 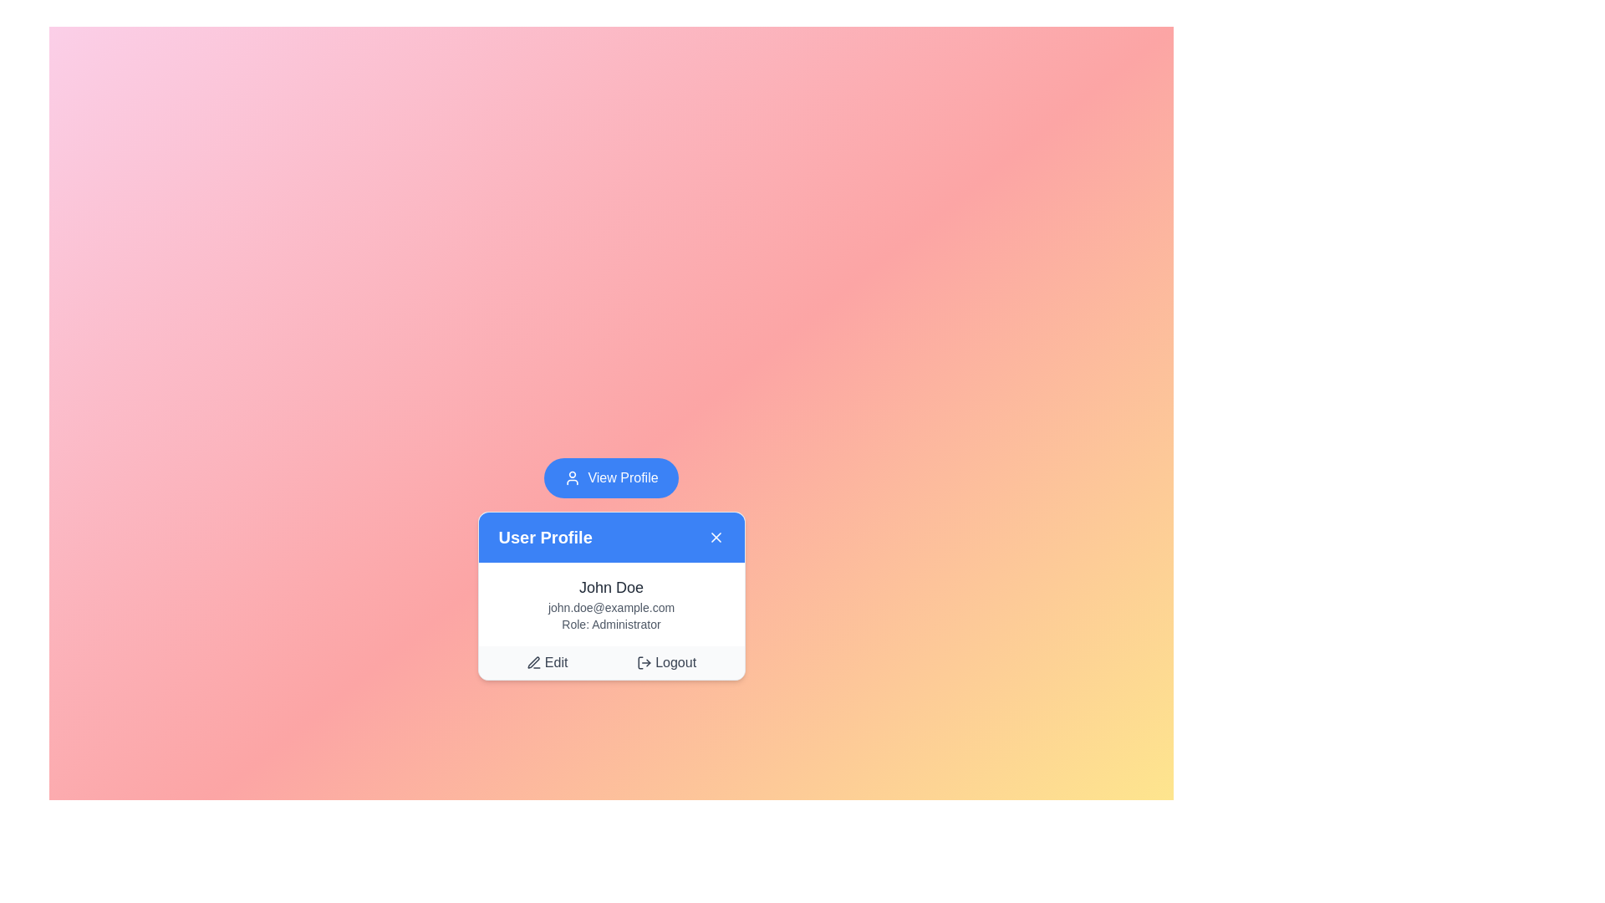 What do you see at coordinates (532, 661) in the screenshot?
I see `the SVG icon element that visually represents the 'Edit' action within the user profile card, located at the bottom left of the icon group` at bounding box center [532, 661].